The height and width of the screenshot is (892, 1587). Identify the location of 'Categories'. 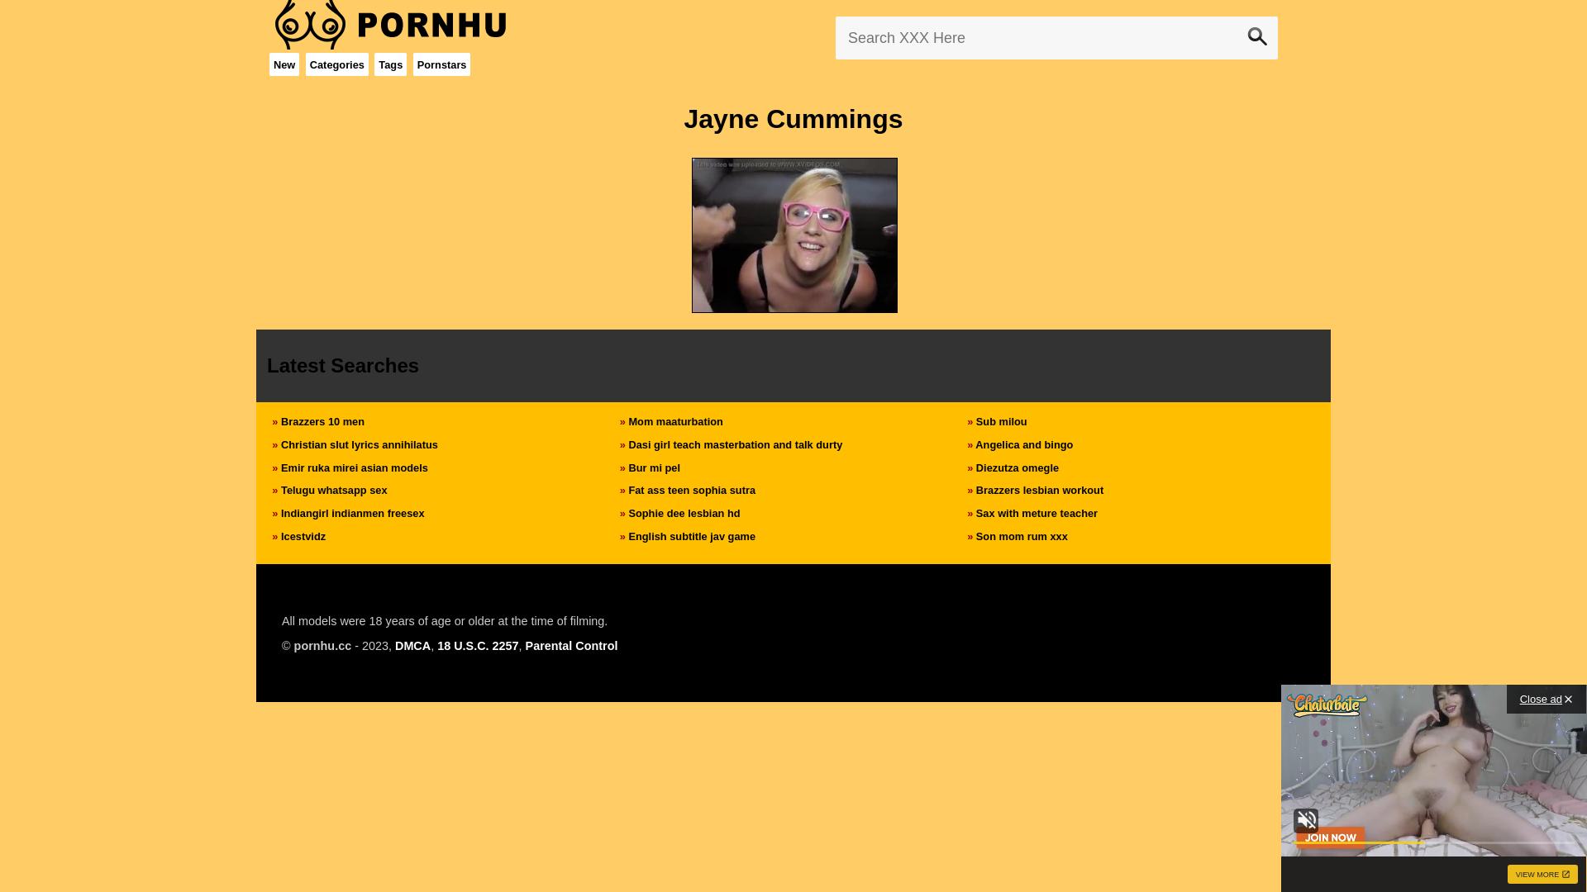
(336, 64).